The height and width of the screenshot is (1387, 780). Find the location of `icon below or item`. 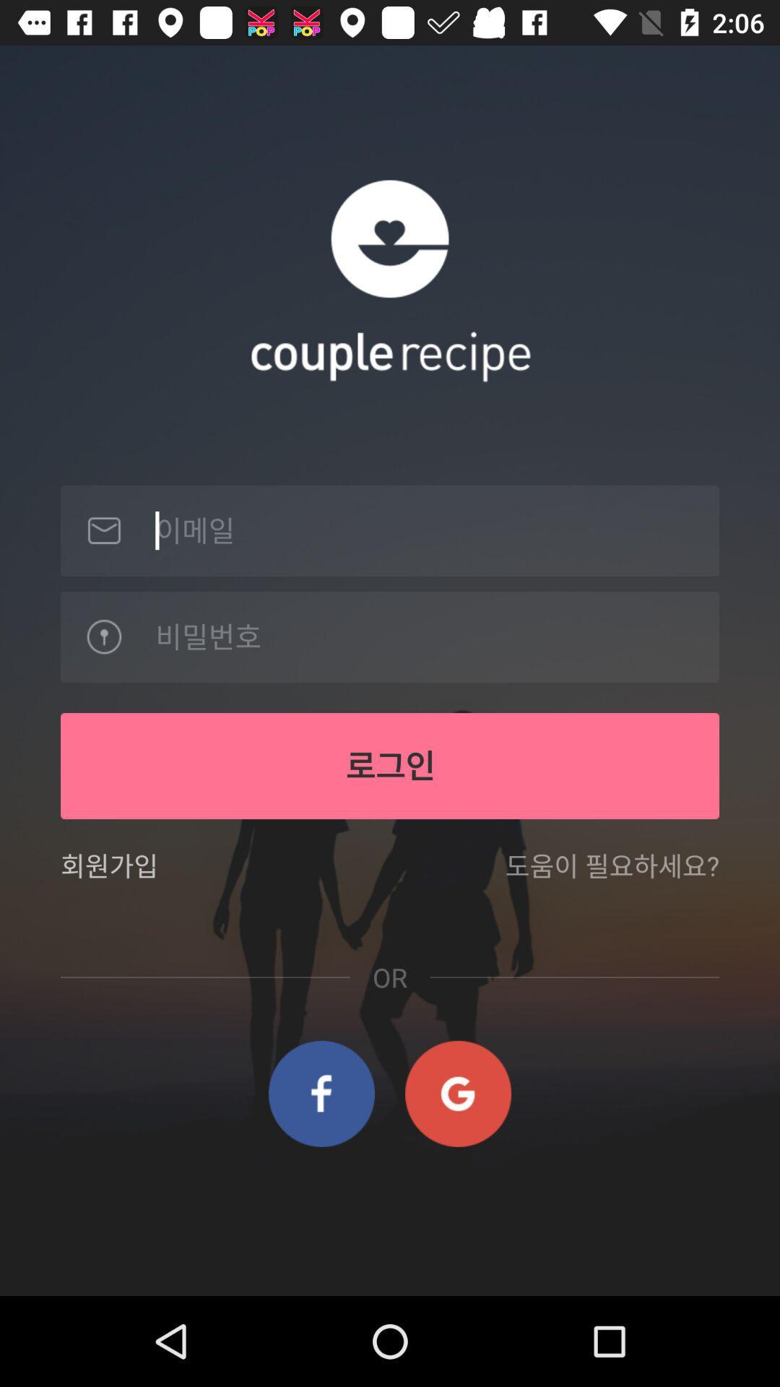

icon below or item is located at coordinates (321, 1094).